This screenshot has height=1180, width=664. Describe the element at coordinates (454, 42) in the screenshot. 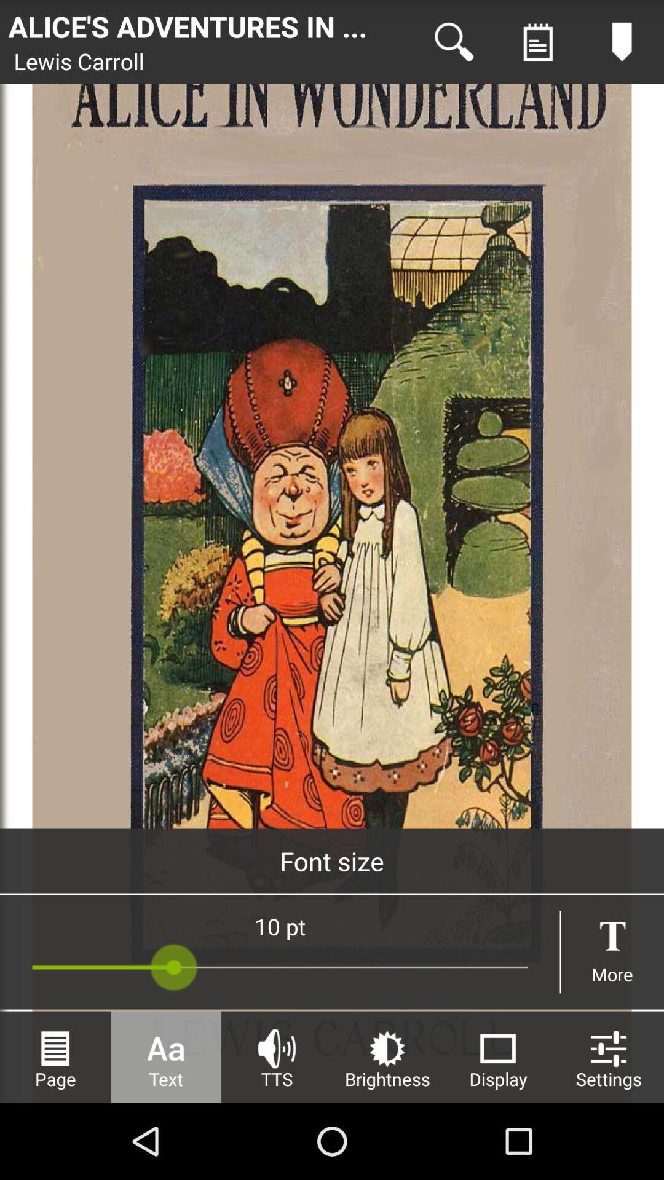

I see `search option` at that location.